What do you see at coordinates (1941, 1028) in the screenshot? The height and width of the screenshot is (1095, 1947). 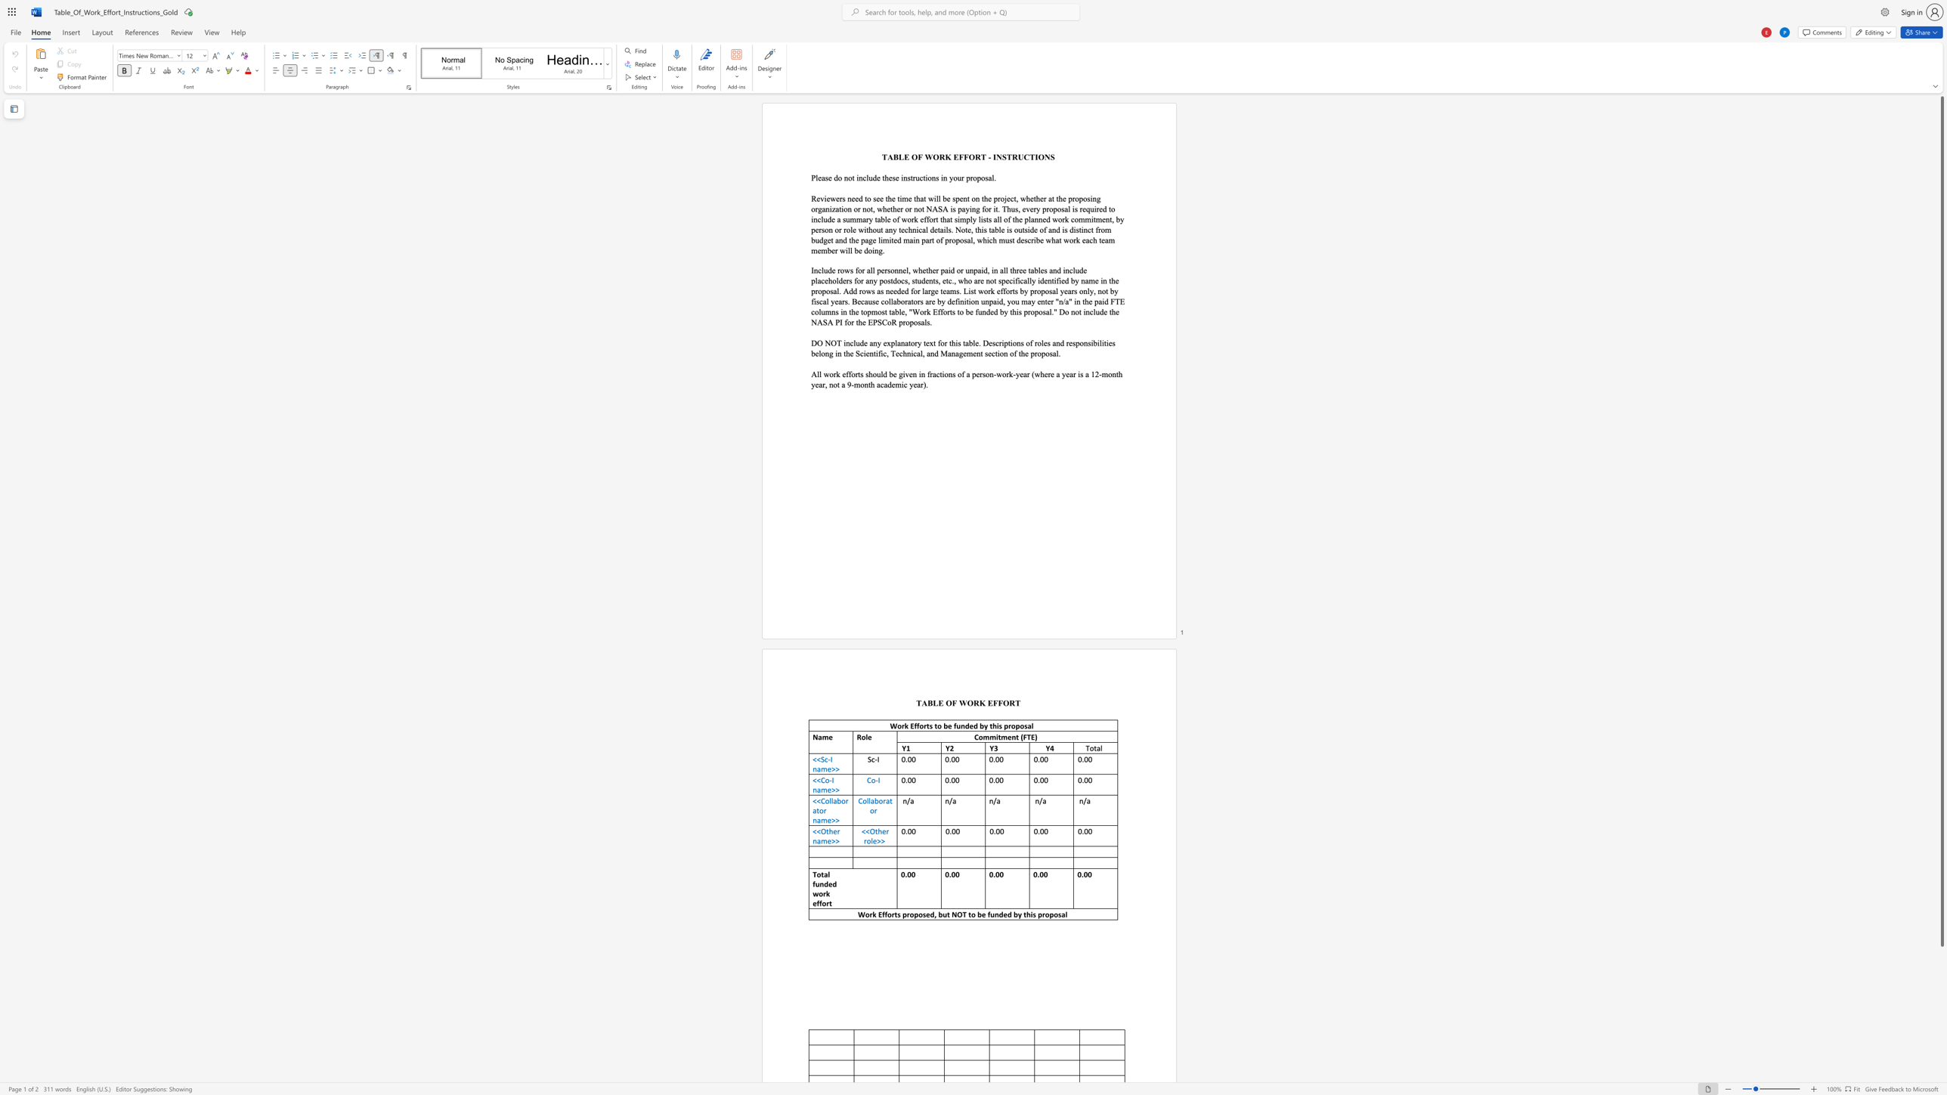 I see `the scrollbar on the right to move the page downward` at bounding box center [1941, 1028].